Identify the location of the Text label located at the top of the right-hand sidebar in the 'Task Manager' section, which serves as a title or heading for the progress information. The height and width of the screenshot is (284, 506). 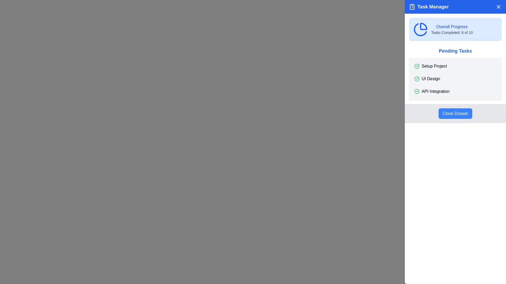
(451, 27).